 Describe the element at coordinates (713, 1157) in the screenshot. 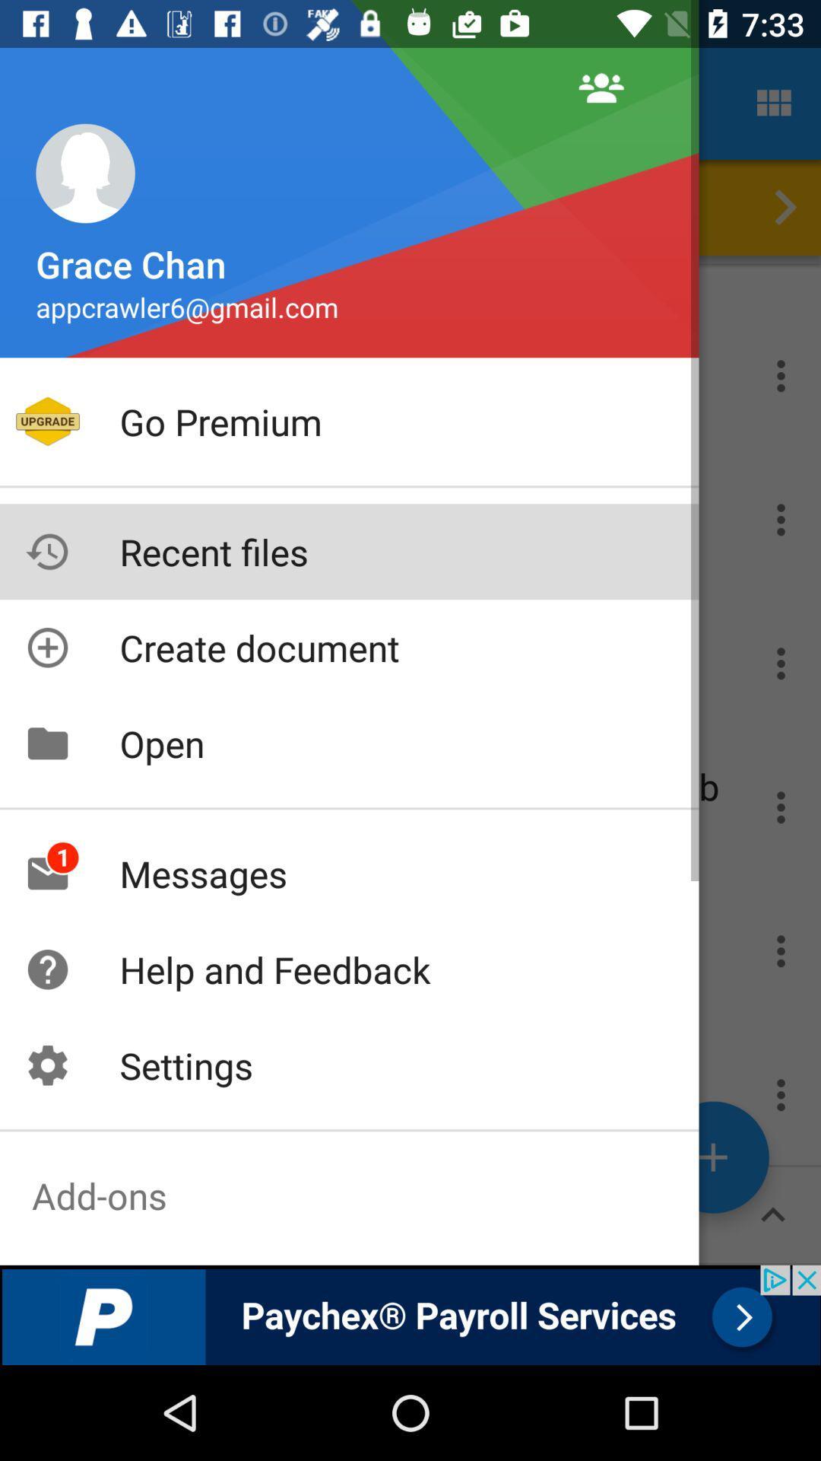

I see `the add icon` at that location.